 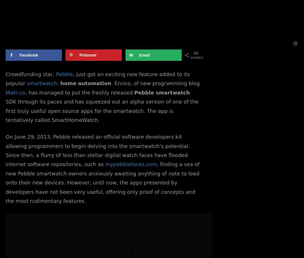 What do you see at coordinates (64, 74) in the screenshot?
I see `'Pebble'` at bounding box center [64, 74].